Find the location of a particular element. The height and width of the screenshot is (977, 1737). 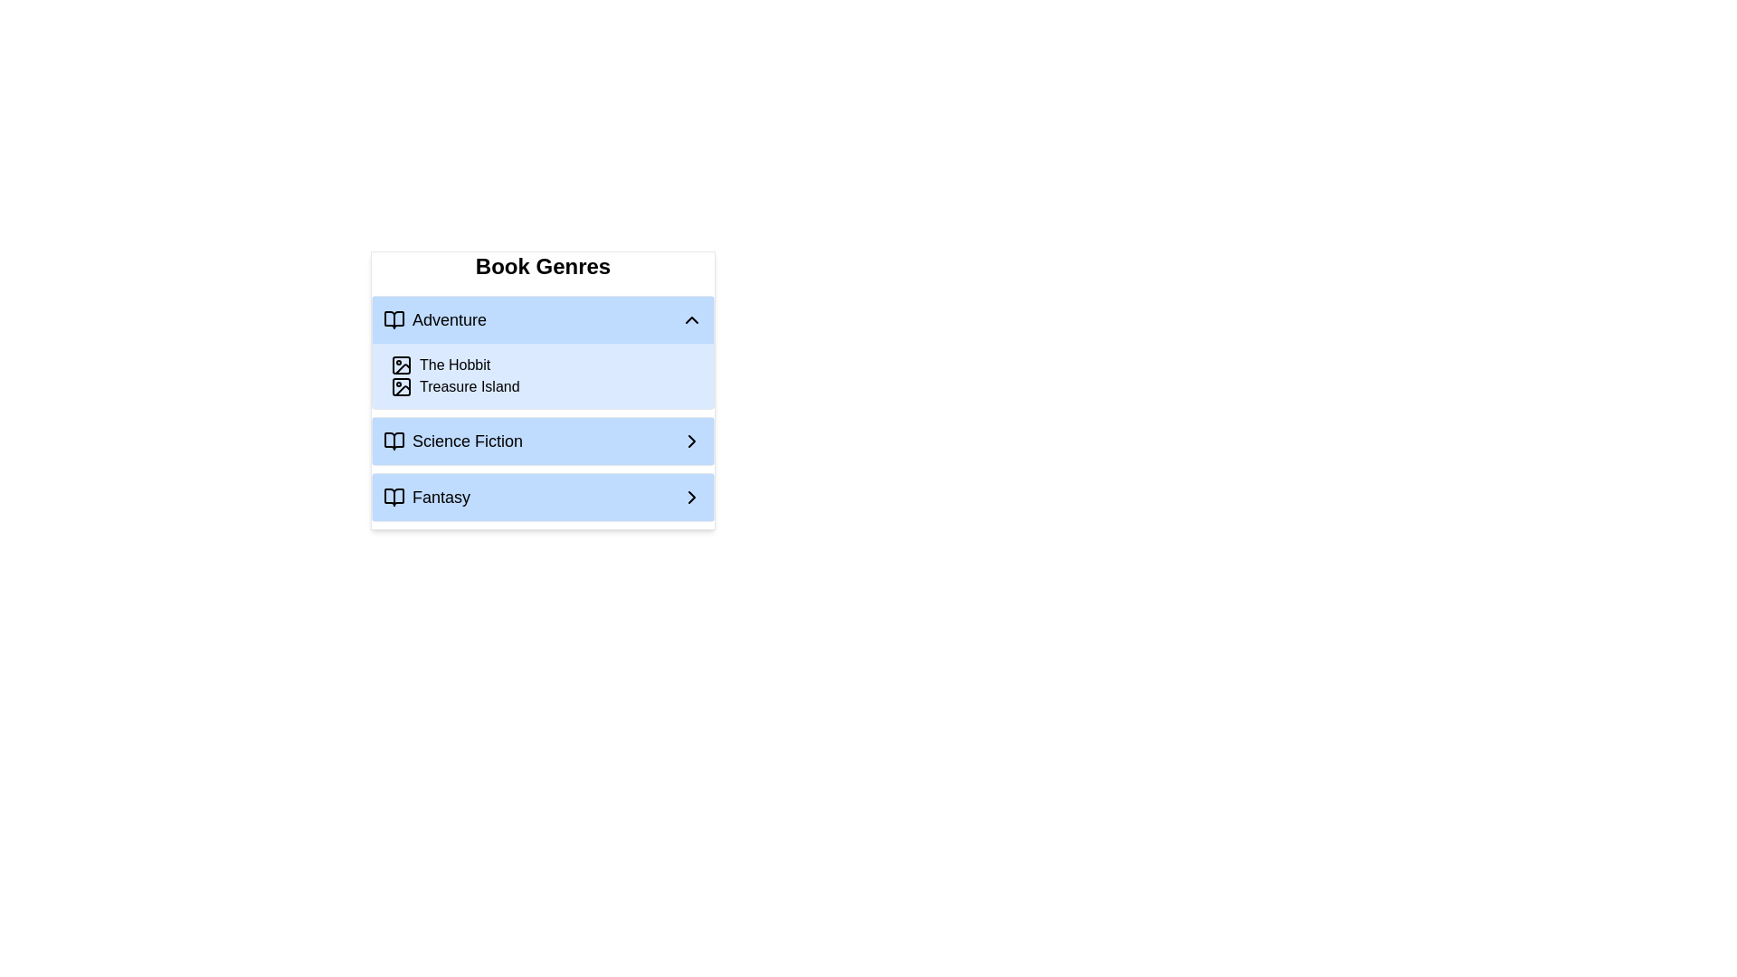

the open book icon located to the left of the 'Adventure' text in the 'Book Genres' section is located at coordinates (394, 319).